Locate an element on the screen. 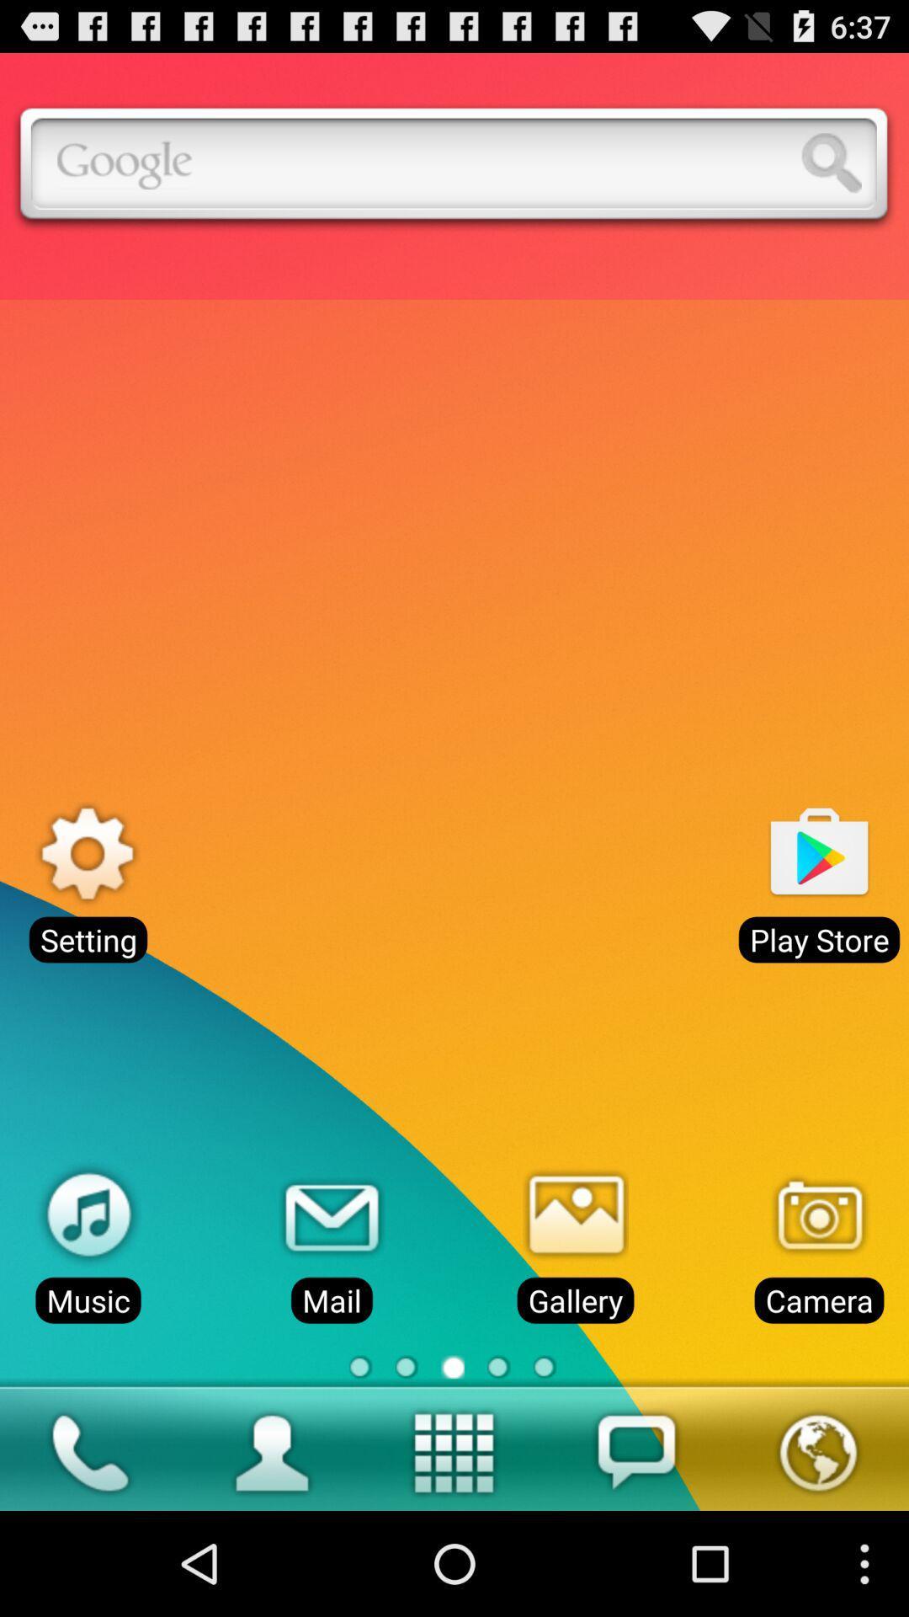 This screenshot has height=1617, width=909. the avatar icon is located at coordinates (272, 1553).